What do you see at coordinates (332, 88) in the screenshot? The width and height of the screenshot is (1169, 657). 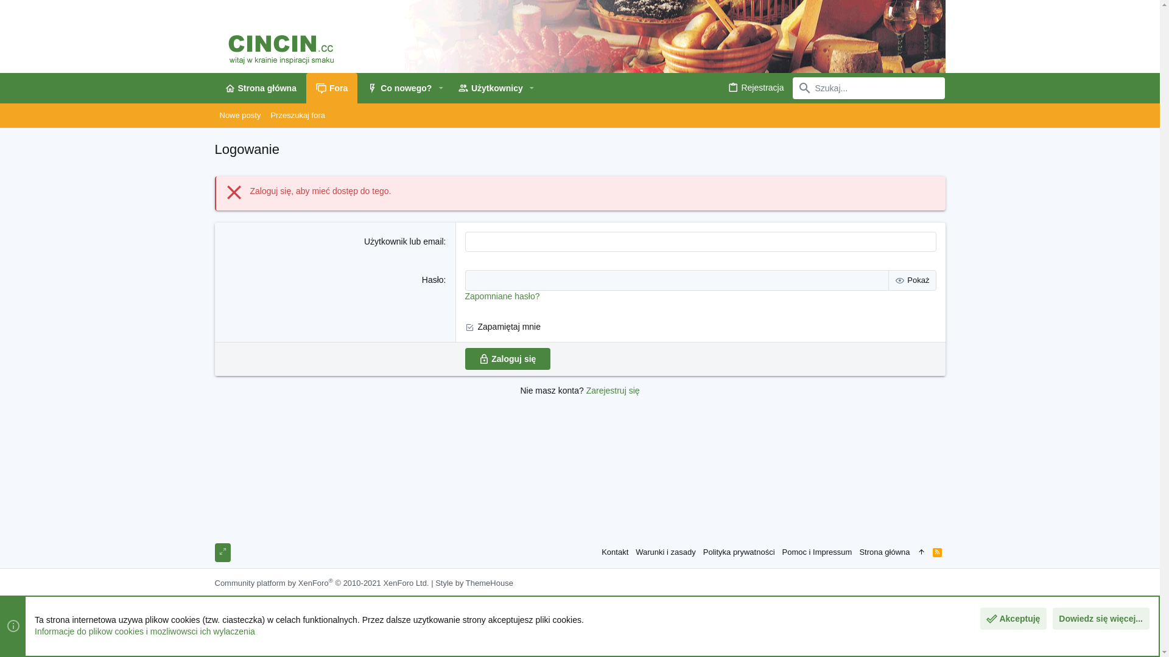 I see `'Fora'` at bounding box center [332, 88].